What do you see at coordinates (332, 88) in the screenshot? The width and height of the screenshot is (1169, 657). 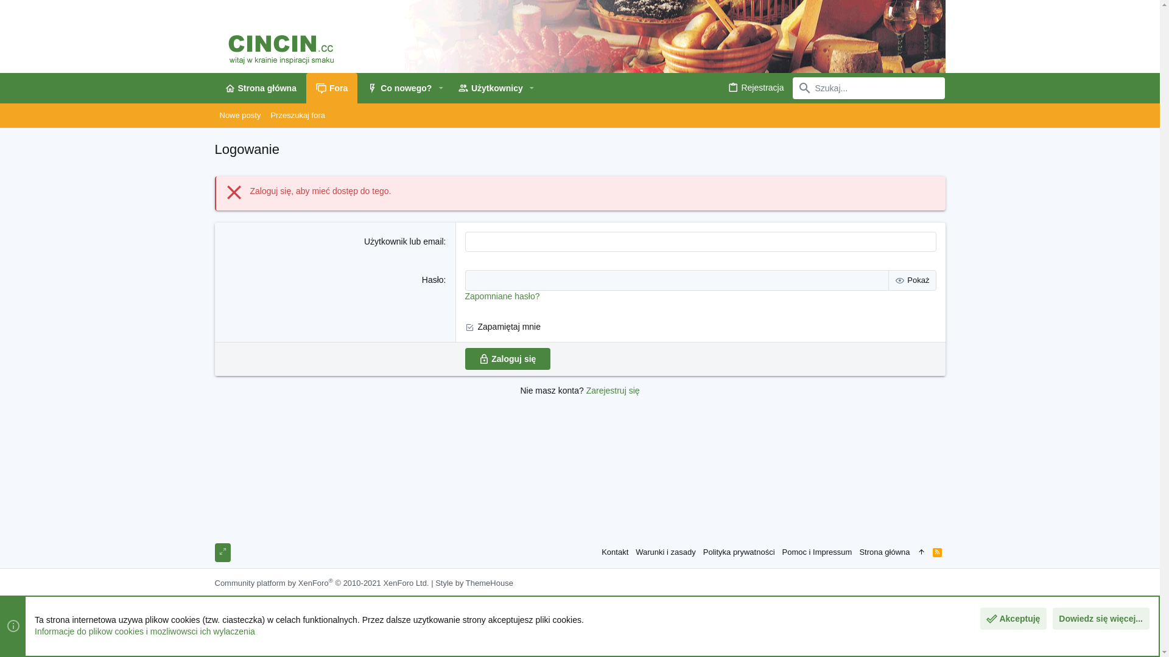 I see `'Fora'` at bounding box center [332, 88].